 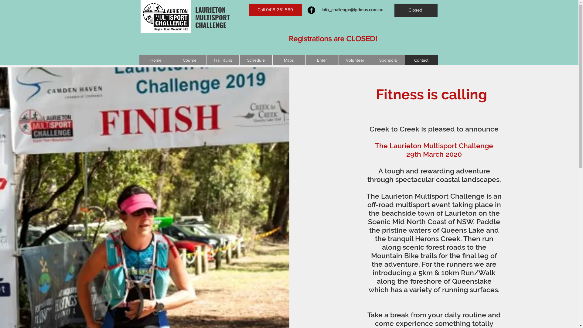 What do you see at coordinates (288, 60) in the screenshot?
I see `'Maps'` at bounding box center [288, 60].